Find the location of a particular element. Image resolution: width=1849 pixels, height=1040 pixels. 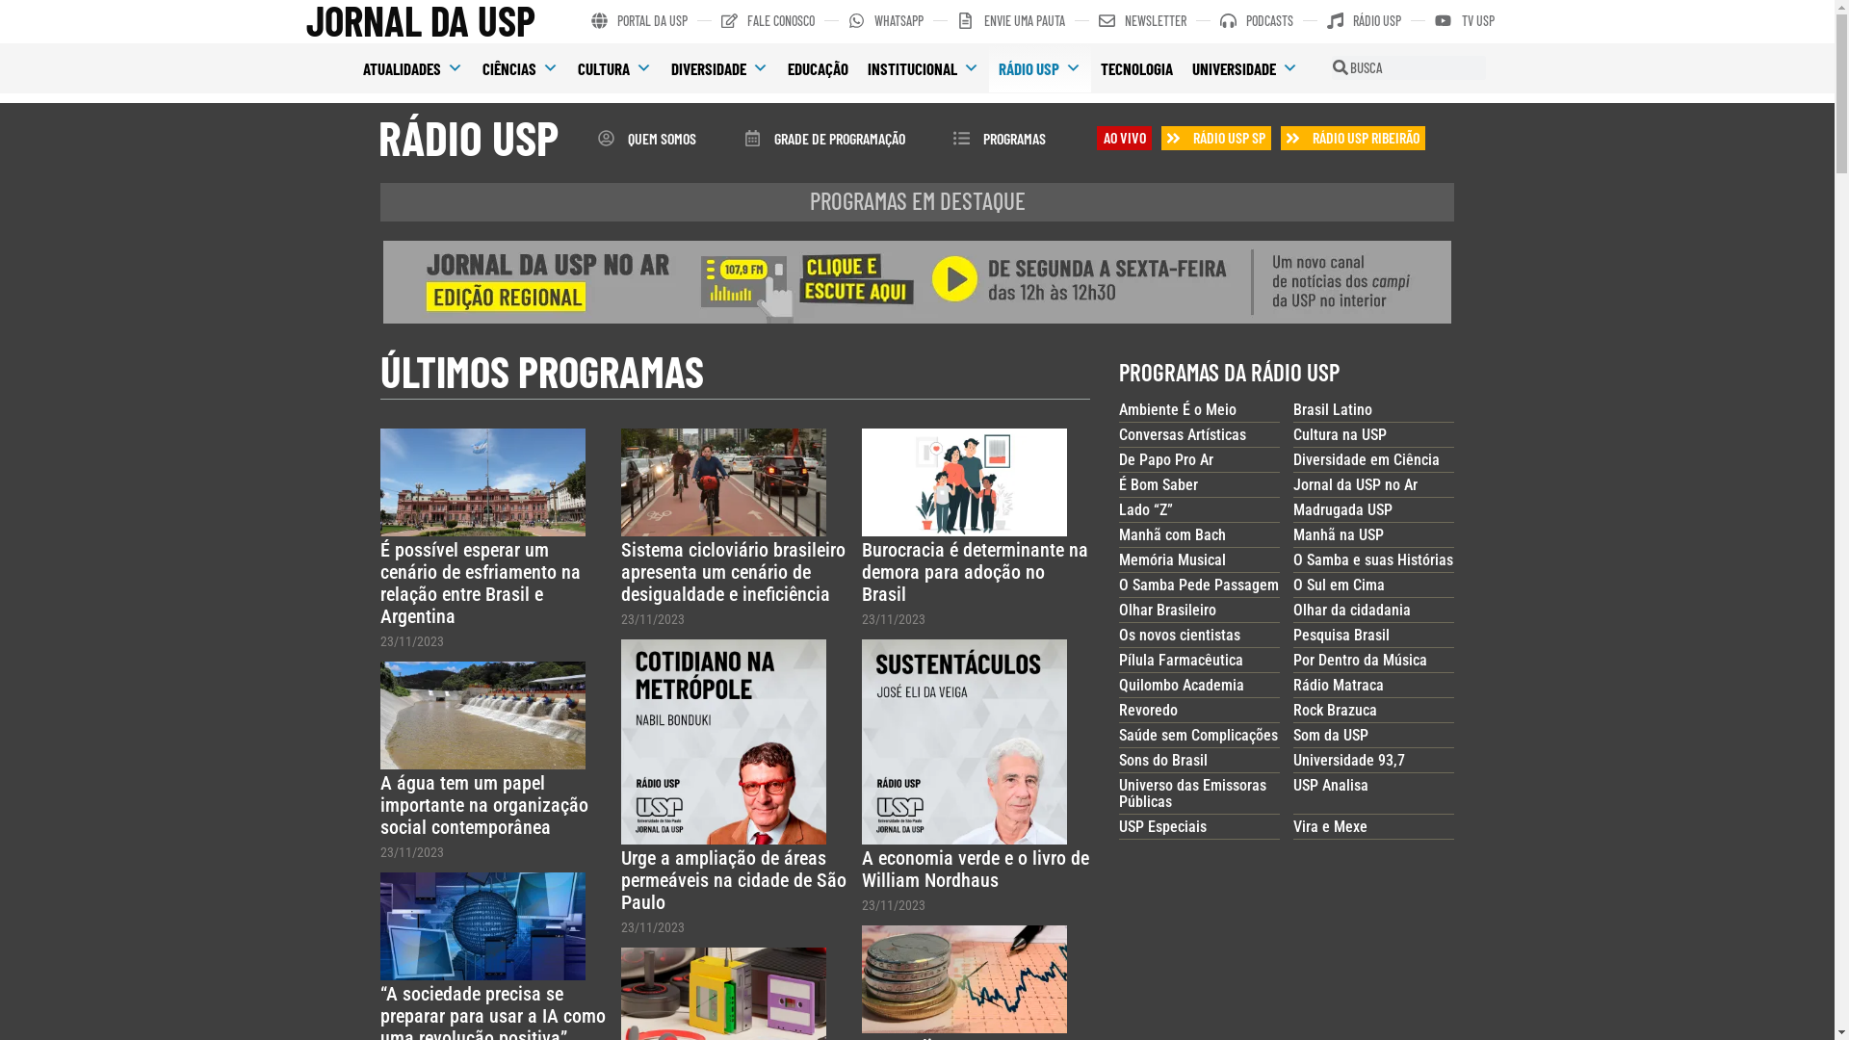

'FALE CONOSCO' is located at coordinates (767, 20).